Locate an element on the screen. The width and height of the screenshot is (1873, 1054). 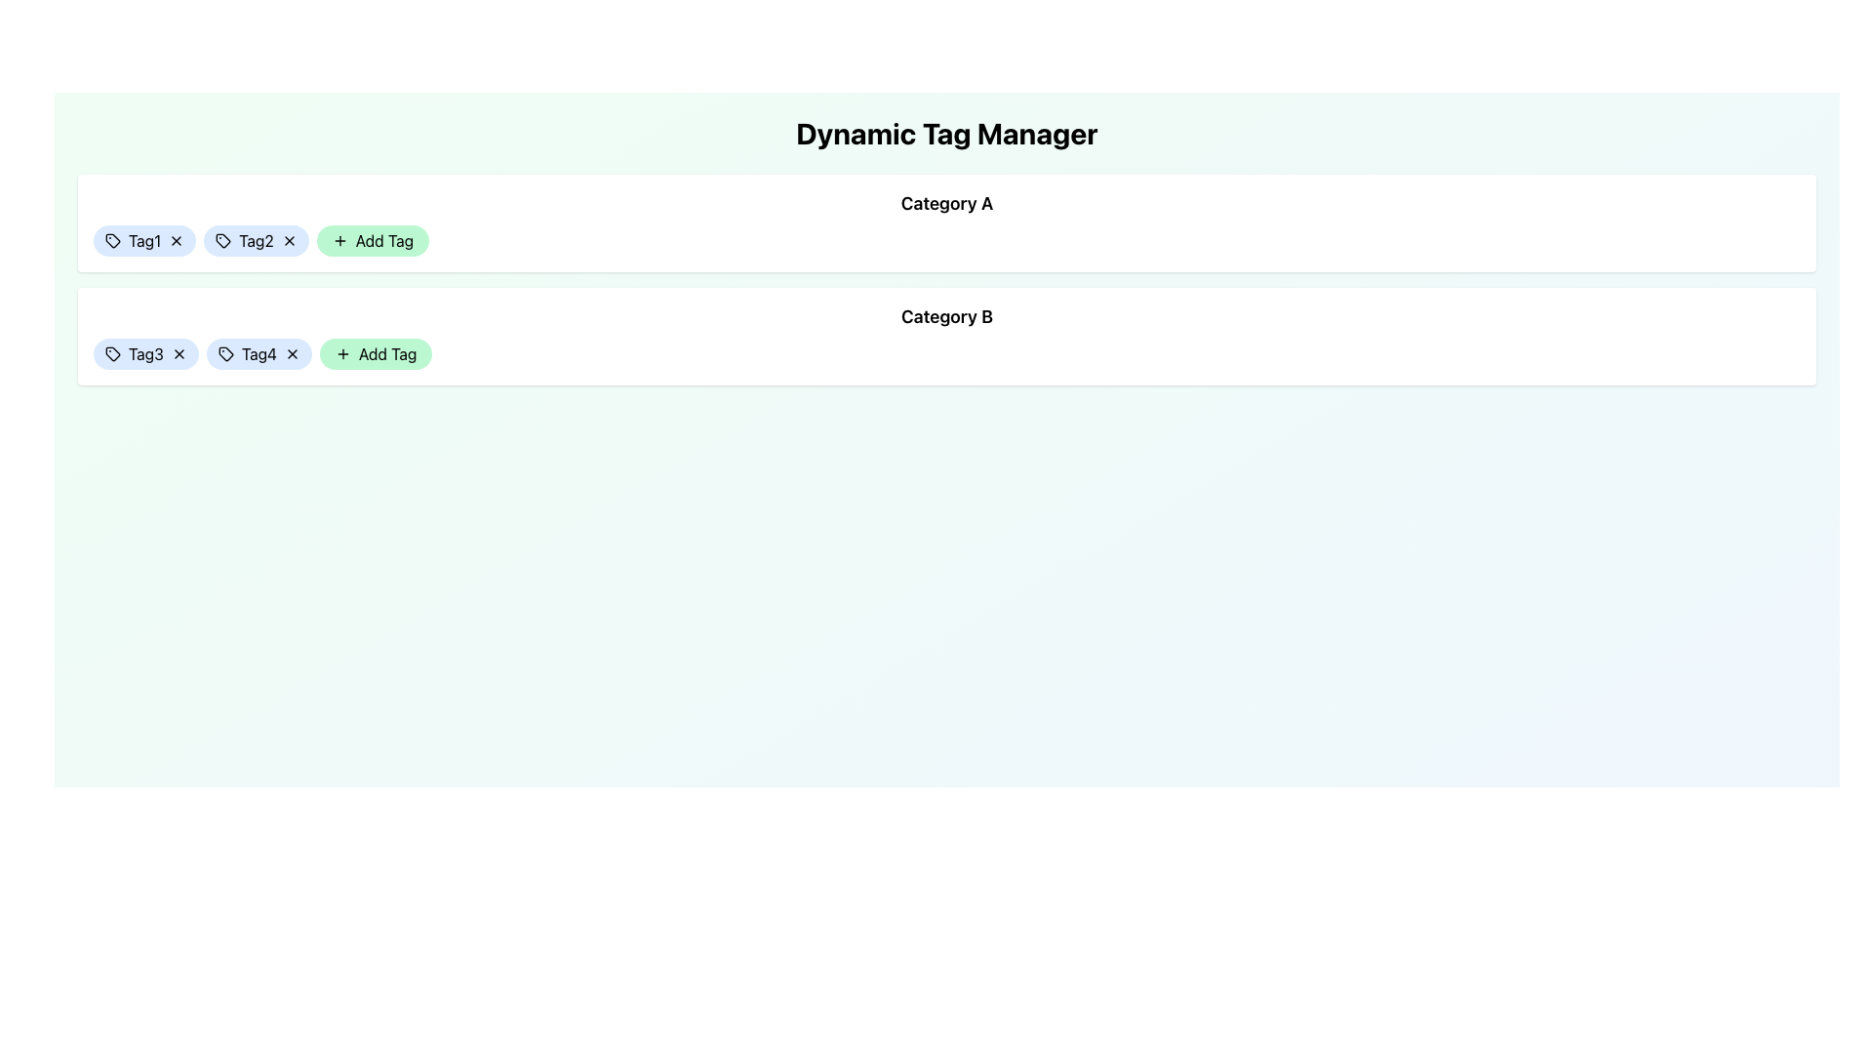
the text label displaying 'Tag2', which is the second tag in the first row under 'Category A', to interact with it is located at coordinates (256, 239).